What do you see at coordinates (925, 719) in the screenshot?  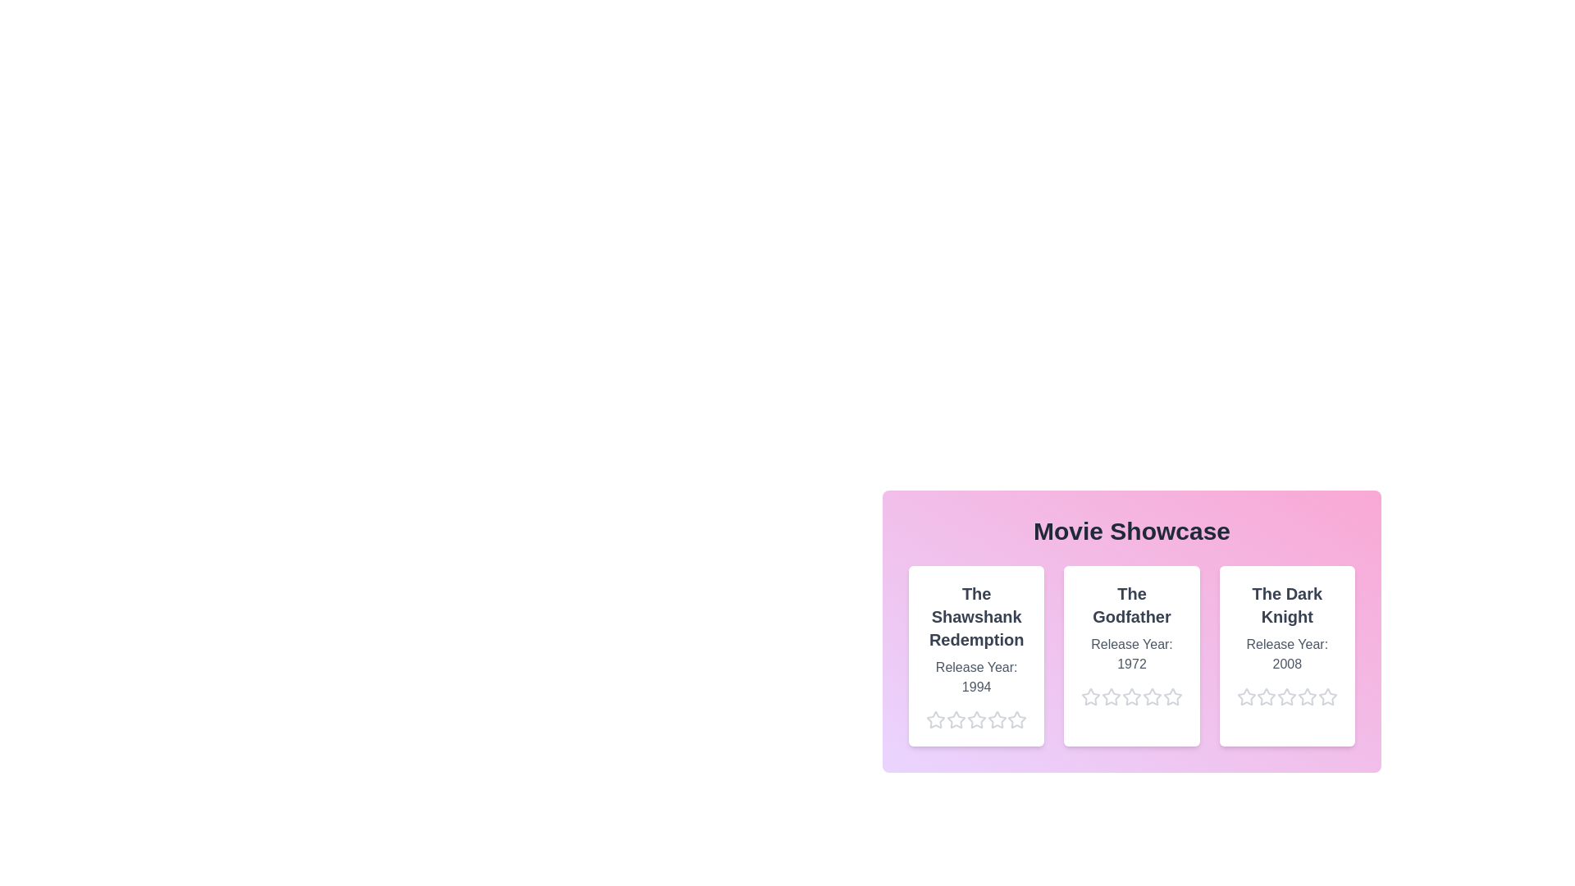 I see `the star corresponding to 1 stars for the movie The Shawshank Redemption` at bounding box center [925, 719].